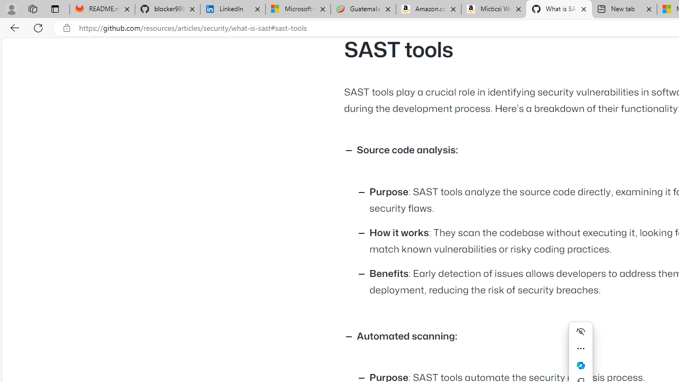  Describe the element at coordinates (580, 331) in the screenshot. I see `'Hide menu'` at that location.